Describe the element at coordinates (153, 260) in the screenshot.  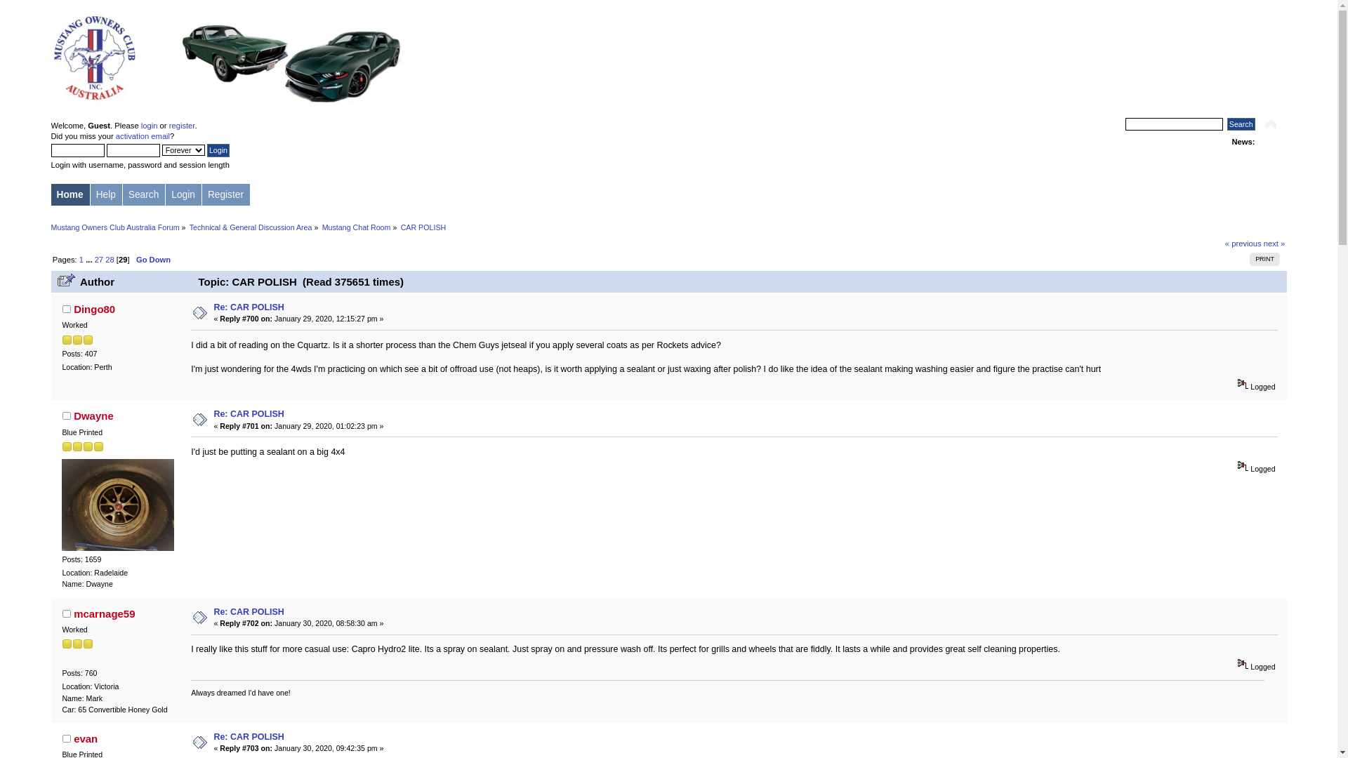
I see `'Go Down'` at that location.